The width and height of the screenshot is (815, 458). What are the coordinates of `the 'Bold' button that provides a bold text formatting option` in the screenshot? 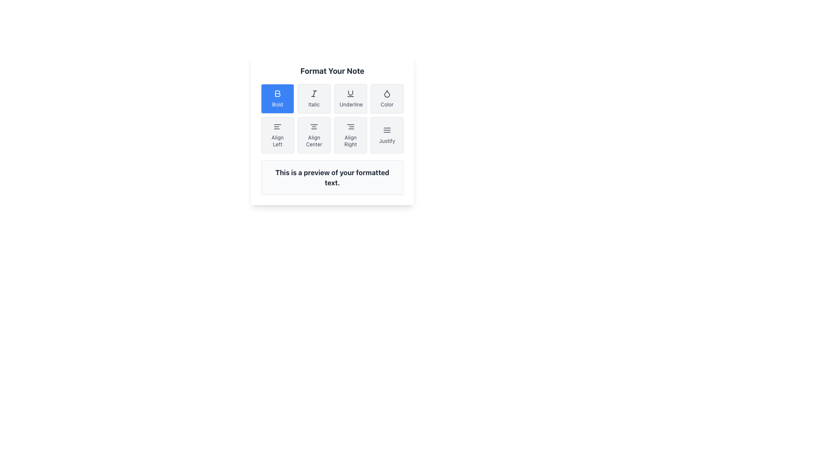 It's located at (277, 93).